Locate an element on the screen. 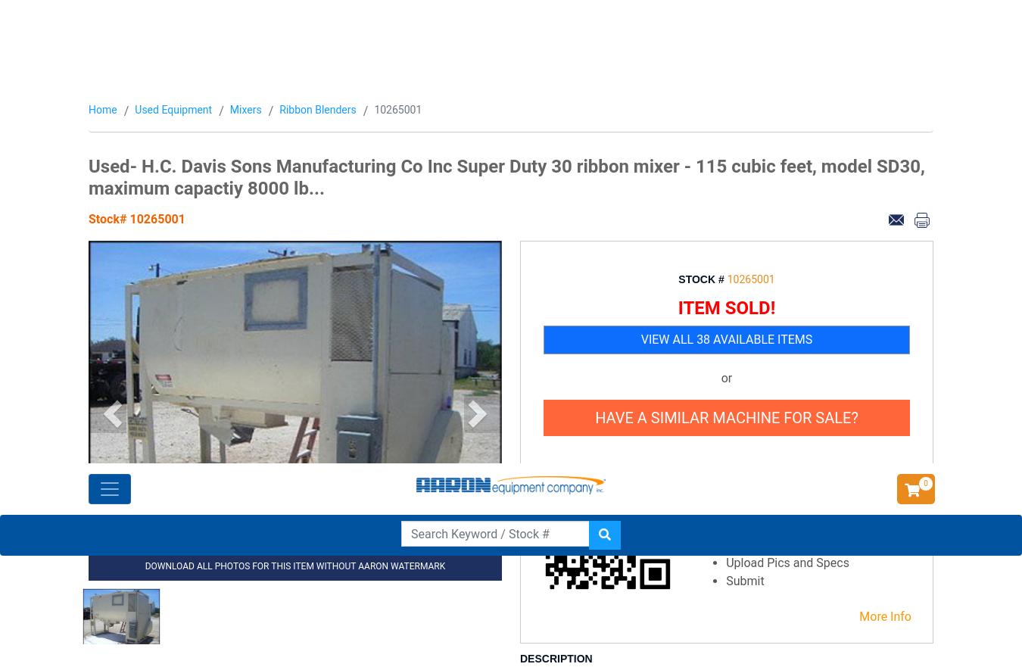 The image size is (1022, 667). '"Aaron Equipment is always my first call for used process equipment. Their inventory and customer service has ensured successful project results every time. Thanks y’all!"' is located at coordinates (725, 503).